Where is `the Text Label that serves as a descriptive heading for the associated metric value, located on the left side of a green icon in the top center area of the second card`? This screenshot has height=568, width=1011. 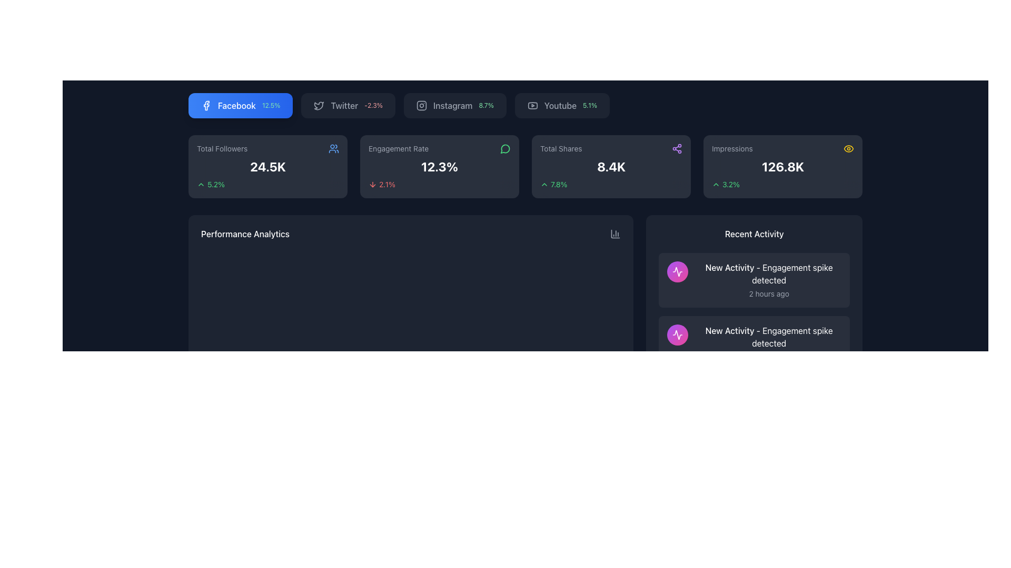 the Text Label that serves as a descriptive heading for the associated metric value, located on the left side of a green icon in the top center area of the second card is located at coordinates (398, 148).